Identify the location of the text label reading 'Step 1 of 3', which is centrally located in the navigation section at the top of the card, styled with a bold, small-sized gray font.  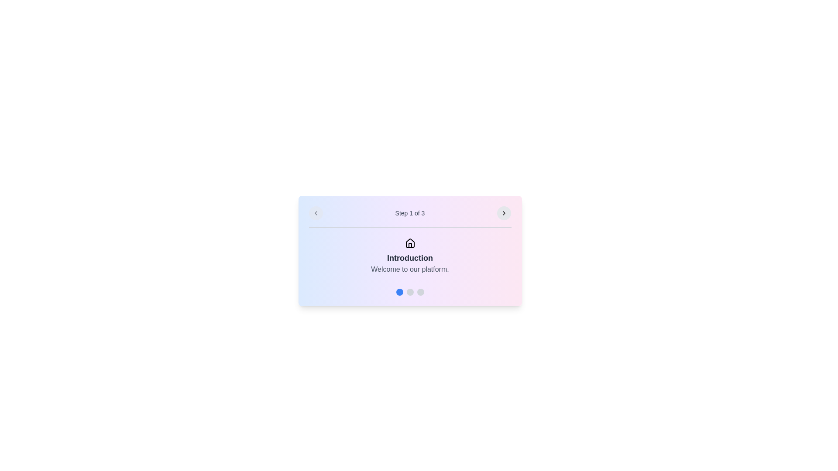
(409, 216).